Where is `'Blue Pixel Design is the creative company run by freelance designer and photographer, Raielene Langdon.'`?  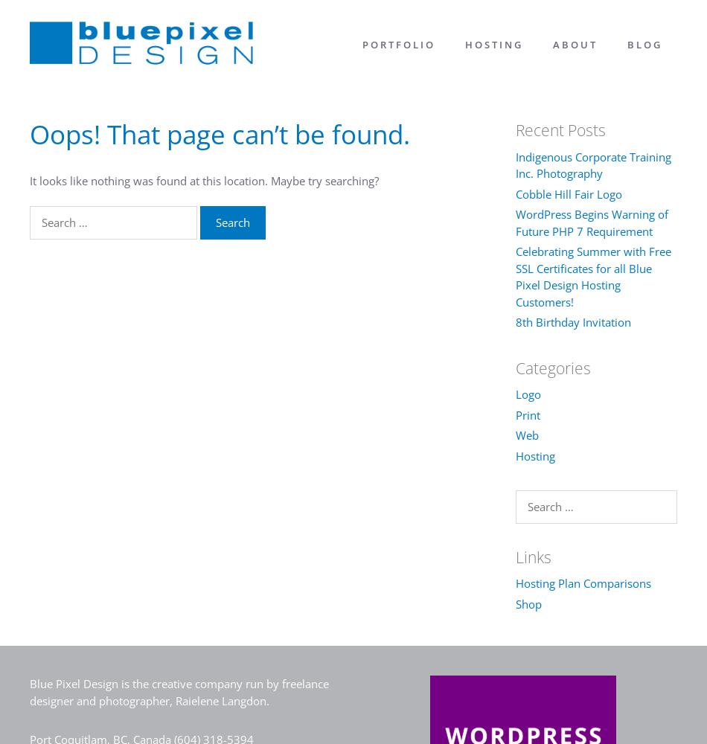 'Blue Pixel Design is the creative company run by freelance designer and photographer, Raielene Langdon.' is located at coordinates (179, 692).